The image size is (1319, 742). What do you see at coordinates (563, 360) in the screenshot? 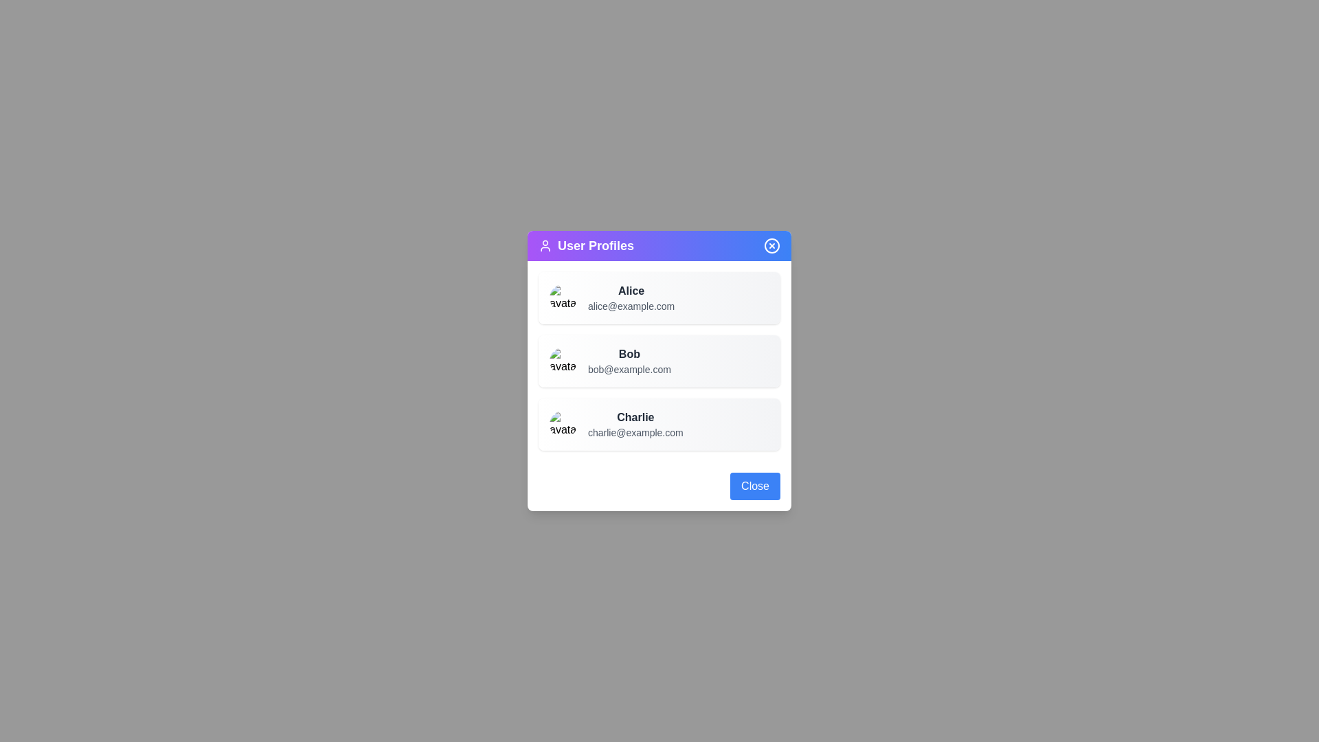
I see `the avatar of Bob to inspect their profile` at bounding box center [563, 360].